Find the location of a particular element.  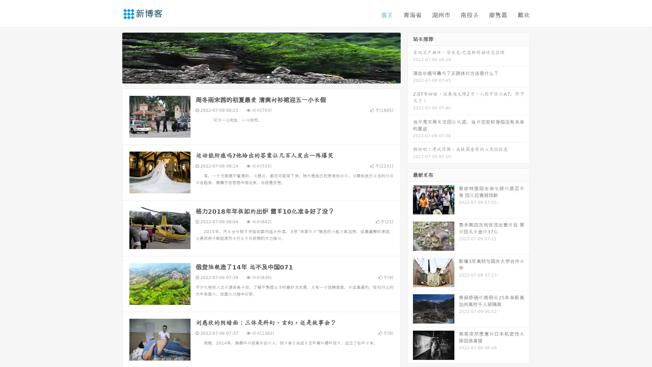

Go to slide 2 is located at coordinates (261, 76).